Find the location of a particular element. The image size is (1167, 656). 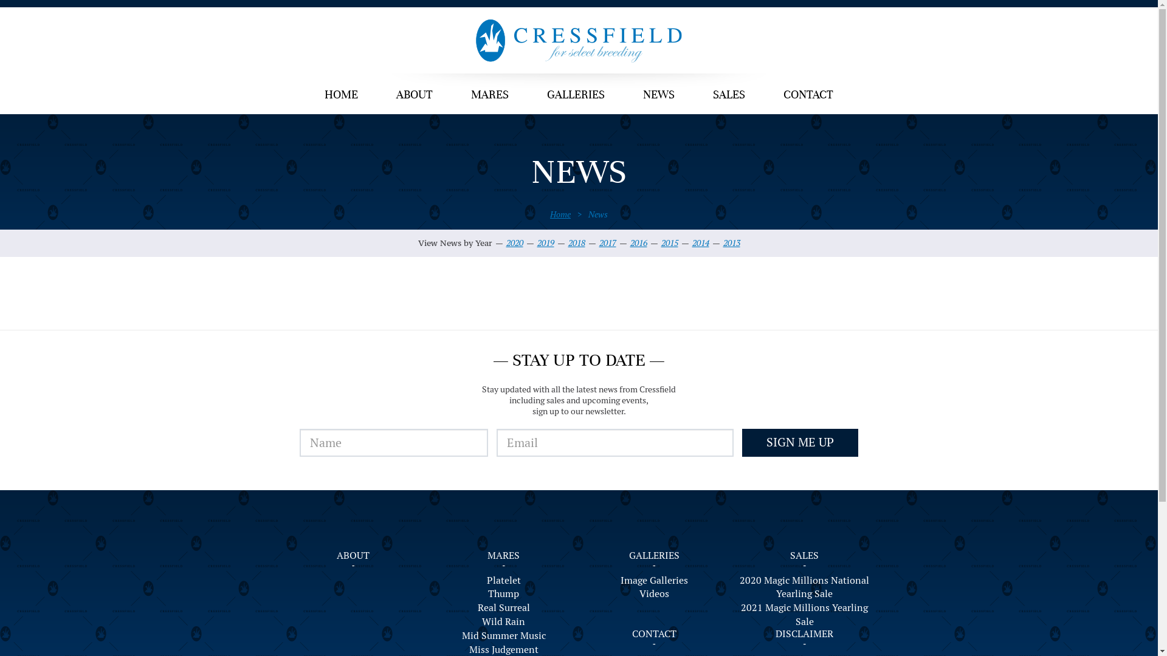

'Real Surreal' is located at coordinates (504, 608).